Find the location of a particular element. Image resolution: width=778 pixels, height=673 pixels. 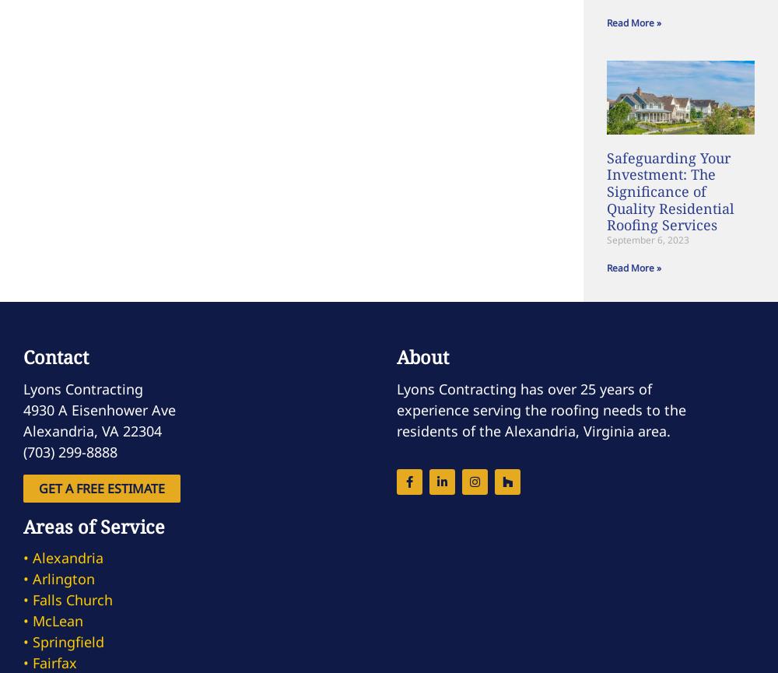

'September 6, 2023' is located at coordinates (607, 239).